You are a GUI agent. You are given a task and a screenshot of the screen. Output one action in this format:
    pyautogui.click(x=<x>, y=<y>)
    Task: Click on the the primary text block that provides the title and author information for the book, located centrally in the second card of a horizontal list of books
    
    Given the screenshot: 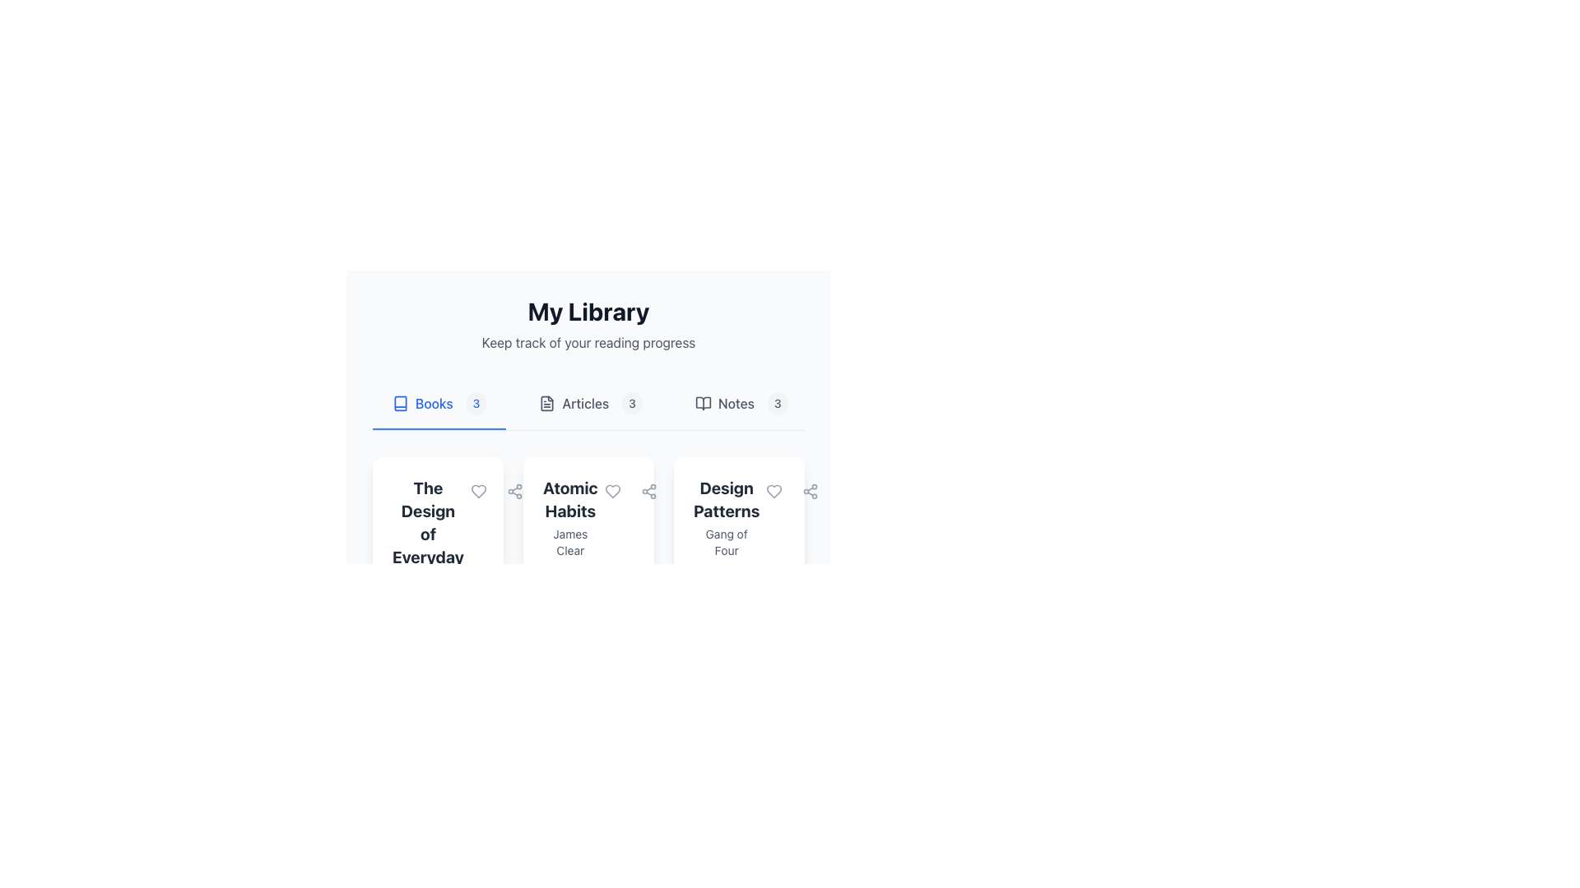 What is the action you would take?
    pyautogui.click(x=570, y=516)
    